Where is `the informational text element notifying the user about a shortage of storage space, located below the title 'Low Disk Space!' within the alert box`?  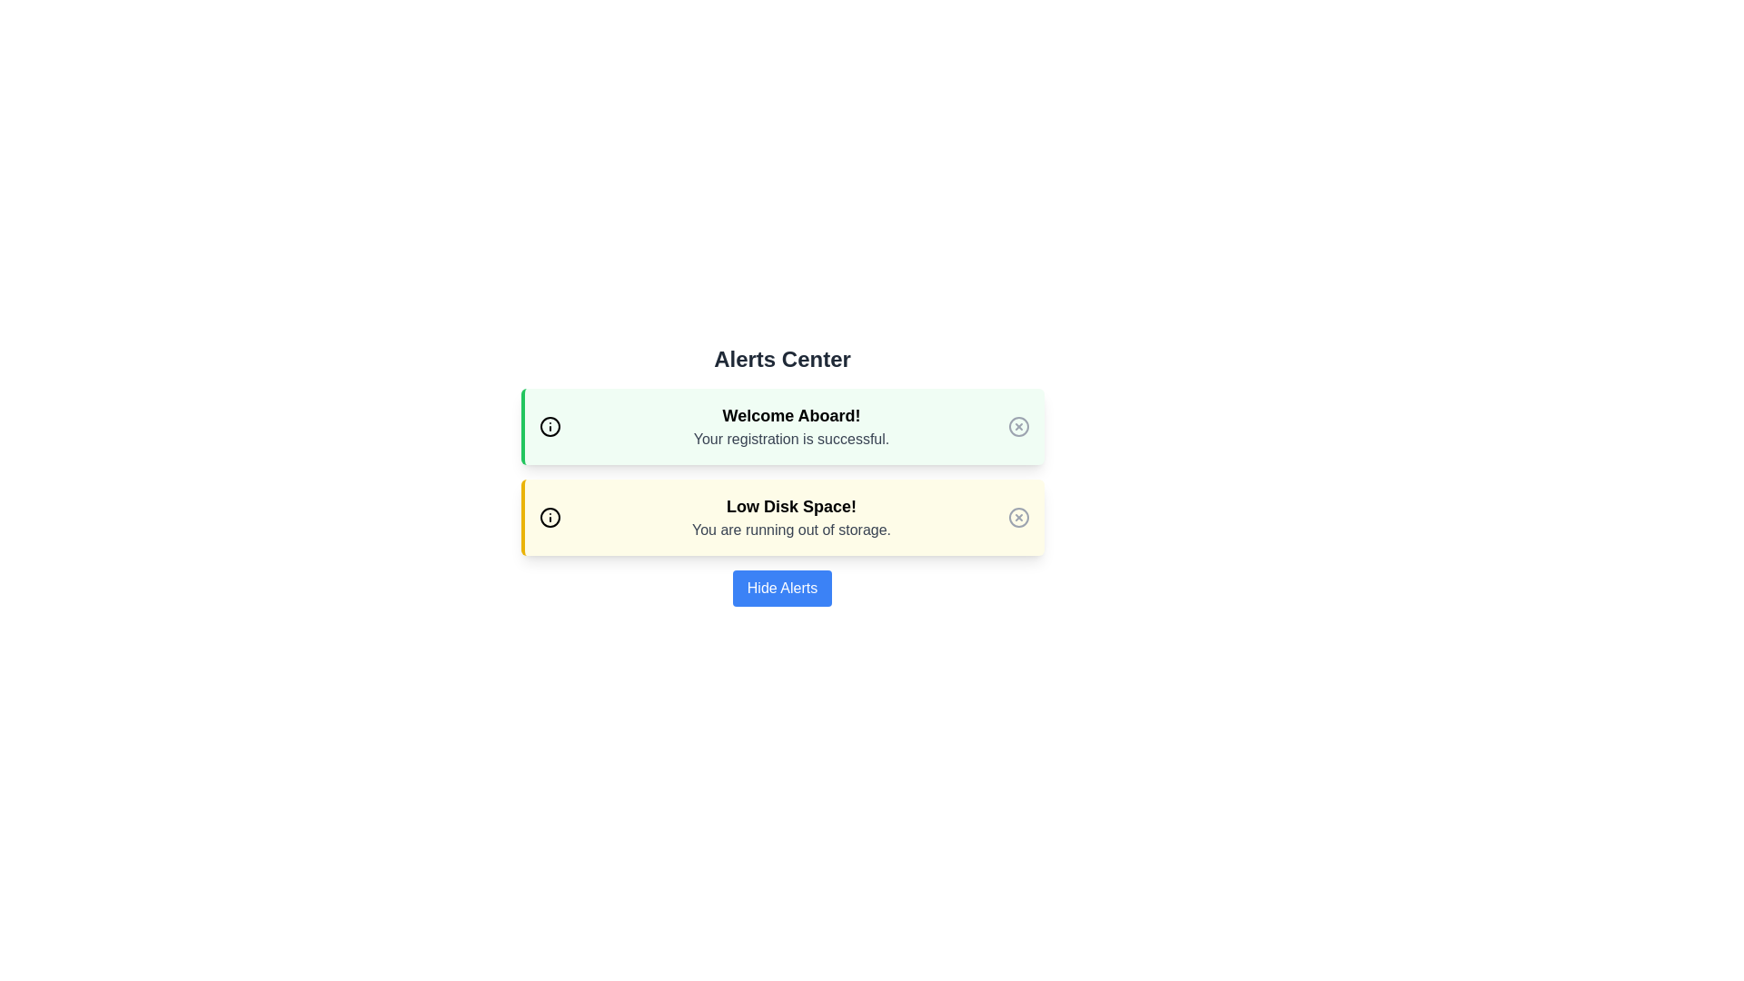
the informational text element notifying the user about a shortage of storage space, located below the title 'Low Disk Space!' within the alert box is located at coordinates (791, 530).